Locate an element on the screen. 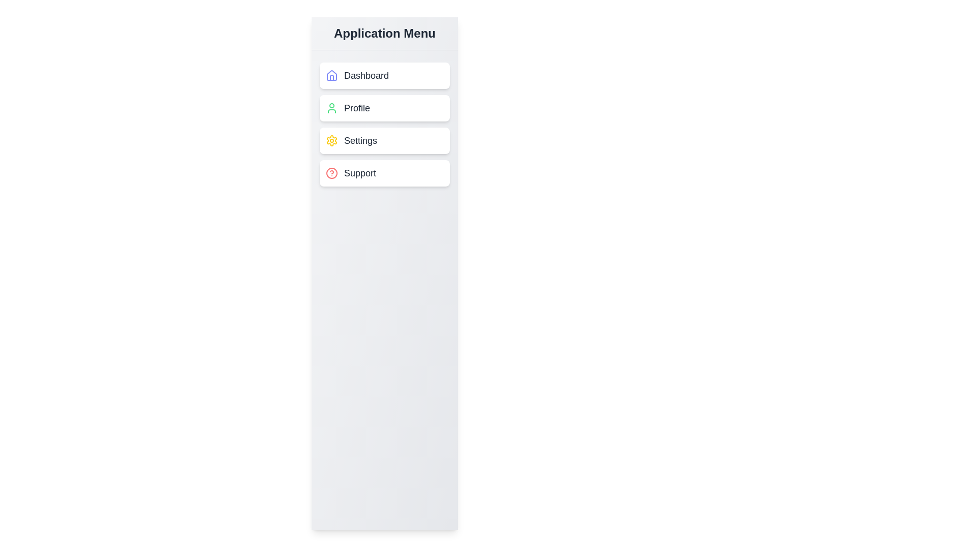  the menu item Settings is located at coordinates (384, 141).